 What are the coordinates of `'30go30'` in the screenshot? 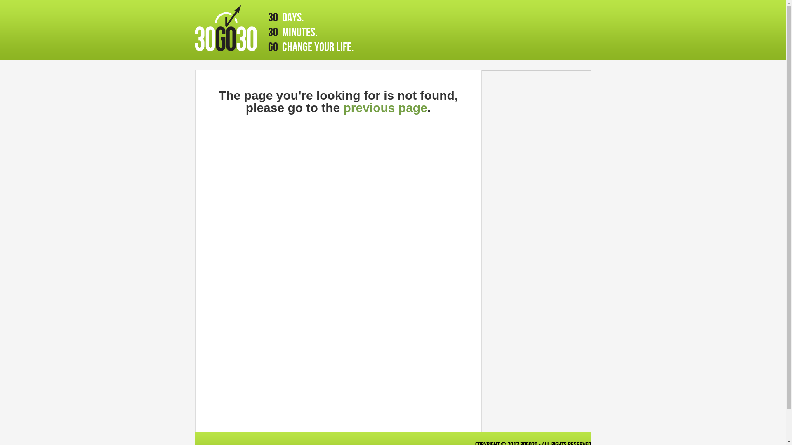 It's located at (226, 28).